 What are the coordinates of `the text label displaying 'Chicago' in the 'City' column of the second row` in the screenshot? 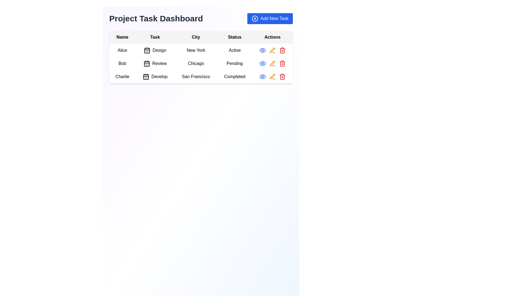 It's located at (196, 63).